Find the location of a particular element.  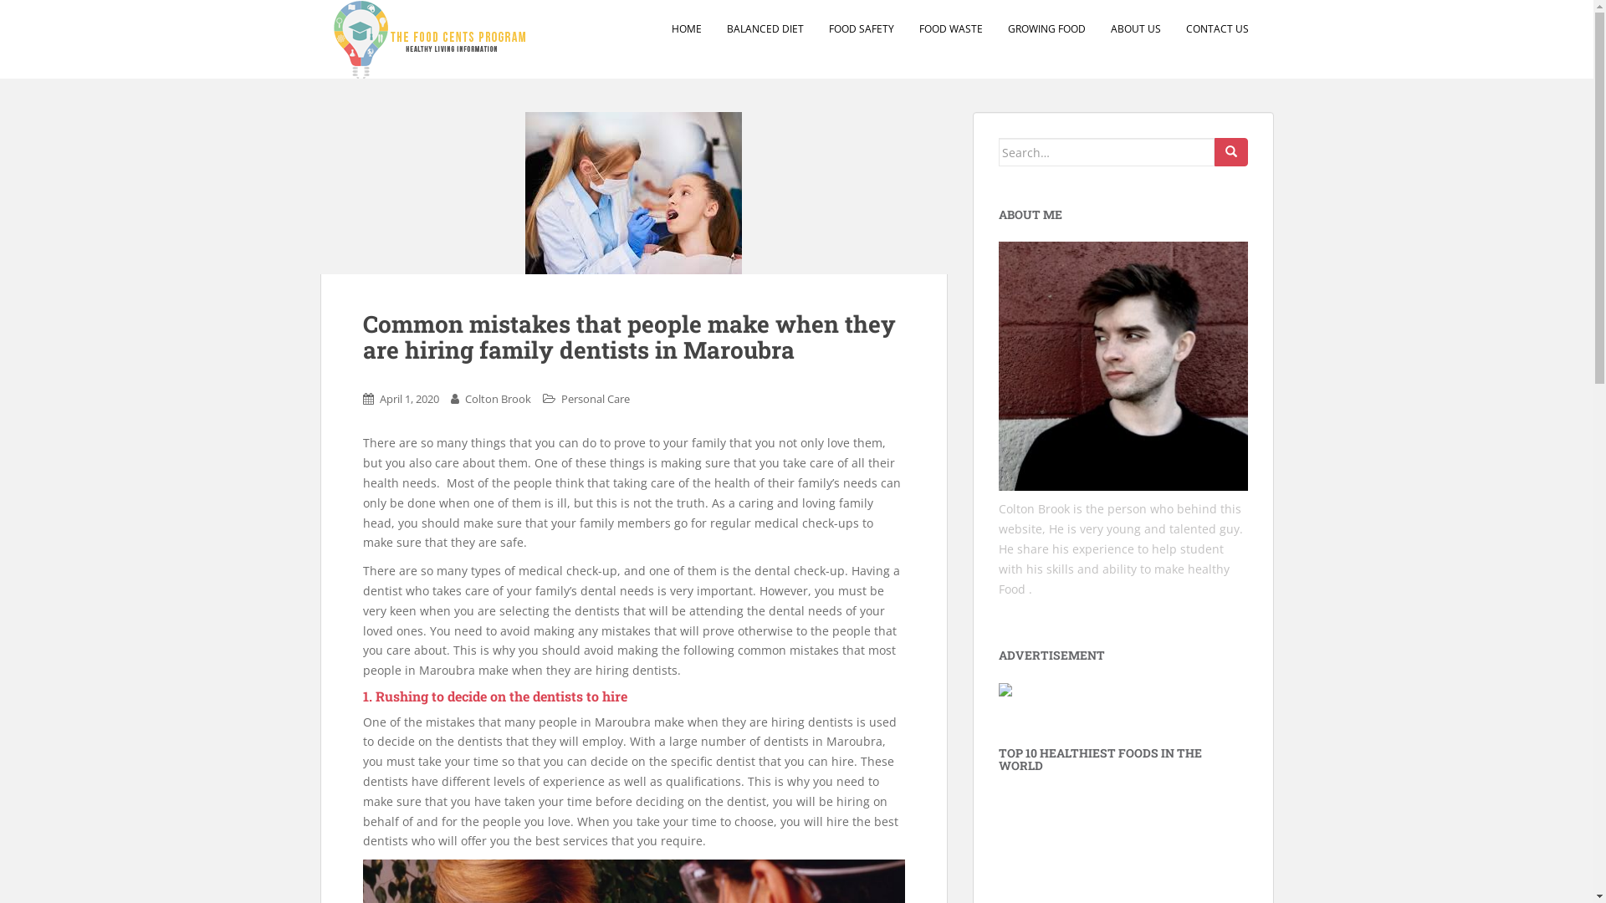

'Search' is located at coordinates (1231, 151).